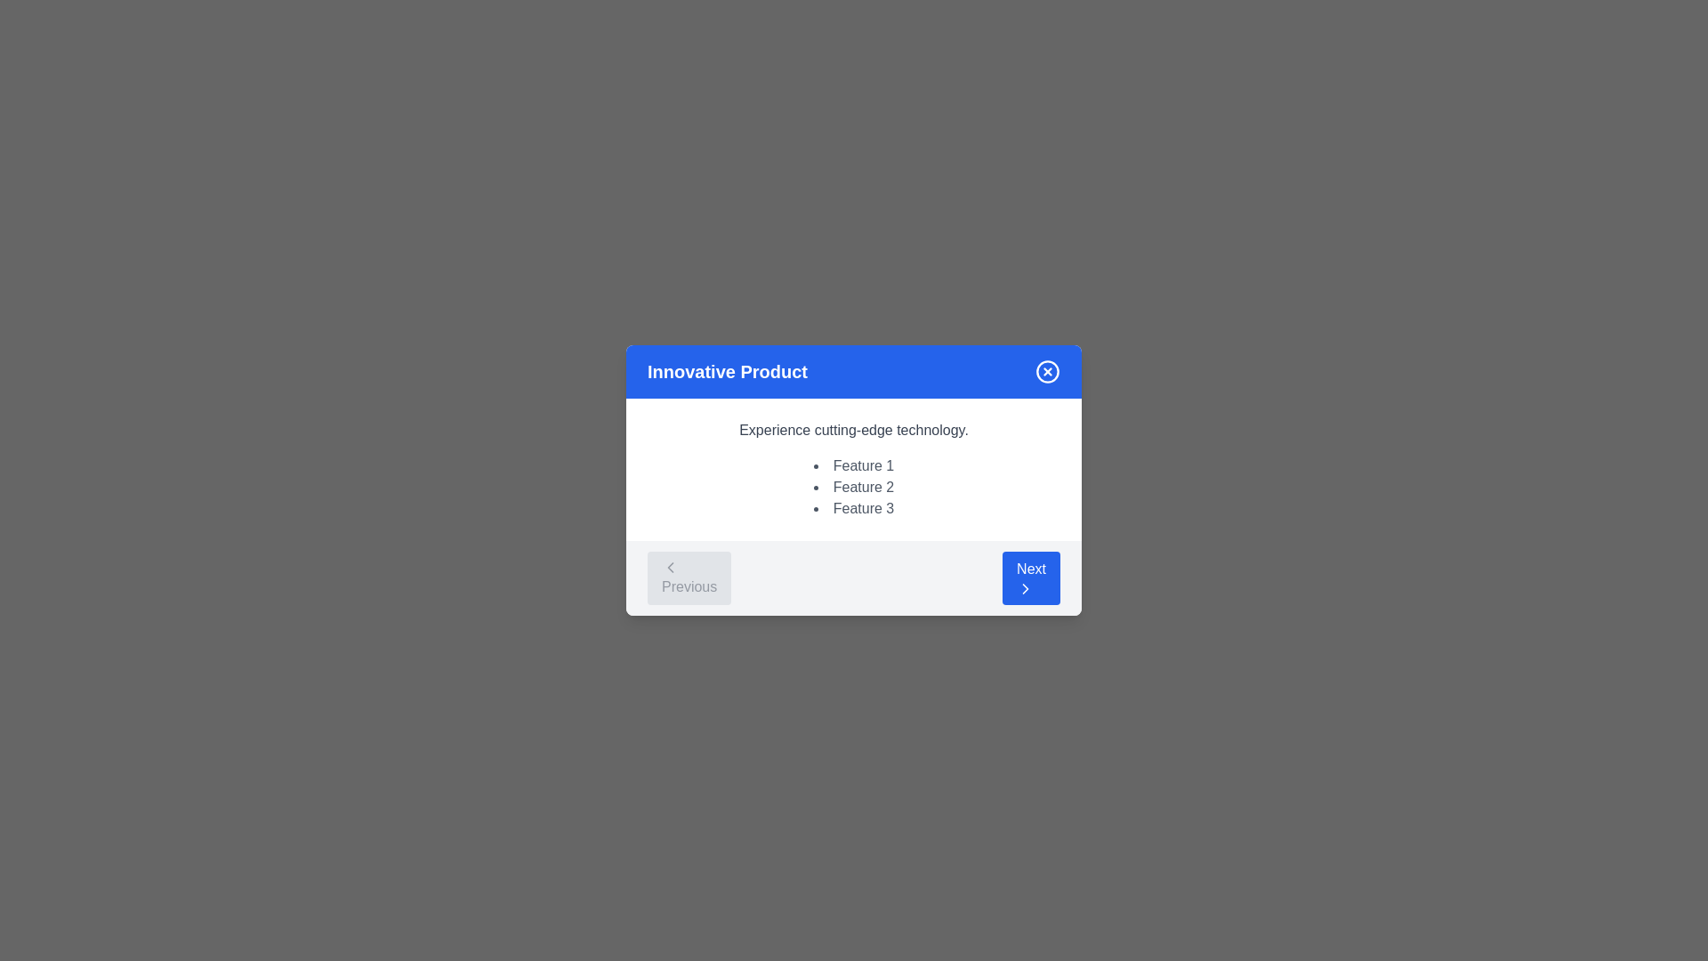 The width and height of the screenshot is (1708, 961). What do you see at coordinates (854, 430) in the screenshot?
I see `the static text element that reads 'Experience cutting-edge technology.' which is styled in gray and positioned centrally above a list of features` at bounding box center [854, 430].